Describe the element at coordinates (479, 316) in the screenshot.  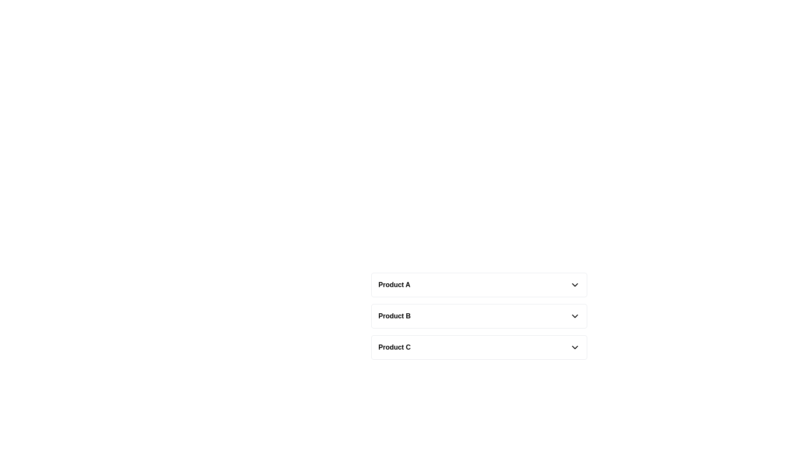
I see `the second list item labeled 'Product B'` at that location.